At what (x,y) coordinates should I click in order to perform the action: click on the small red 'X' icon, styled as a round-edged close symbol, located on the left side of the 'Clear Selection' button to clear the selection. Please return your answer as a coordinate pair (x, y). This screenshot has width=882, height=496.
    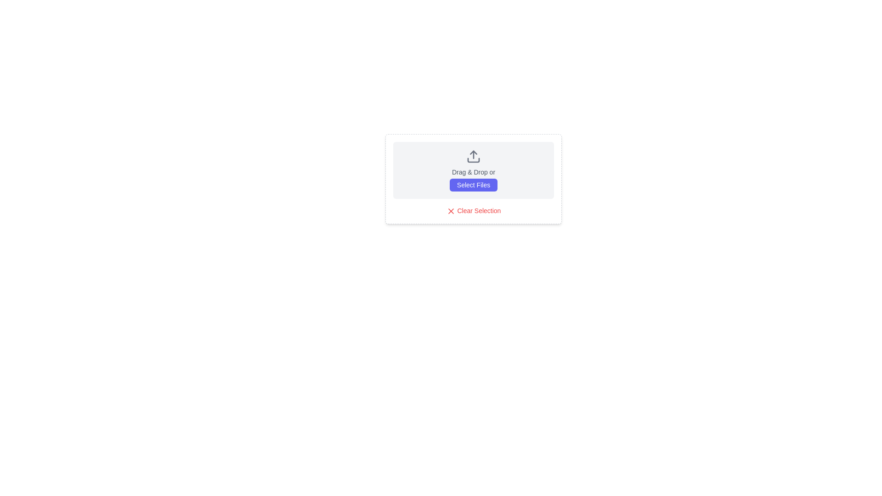
    Looking at the image, I should click on (451, 211).